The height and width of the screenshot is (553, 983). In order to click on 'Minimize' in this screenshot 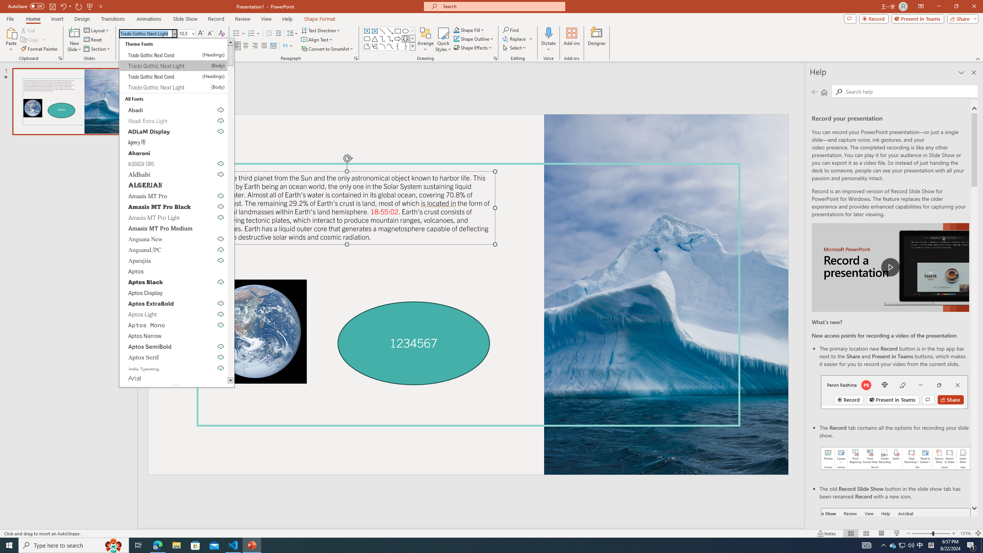, I will do `click(938, 6)`.